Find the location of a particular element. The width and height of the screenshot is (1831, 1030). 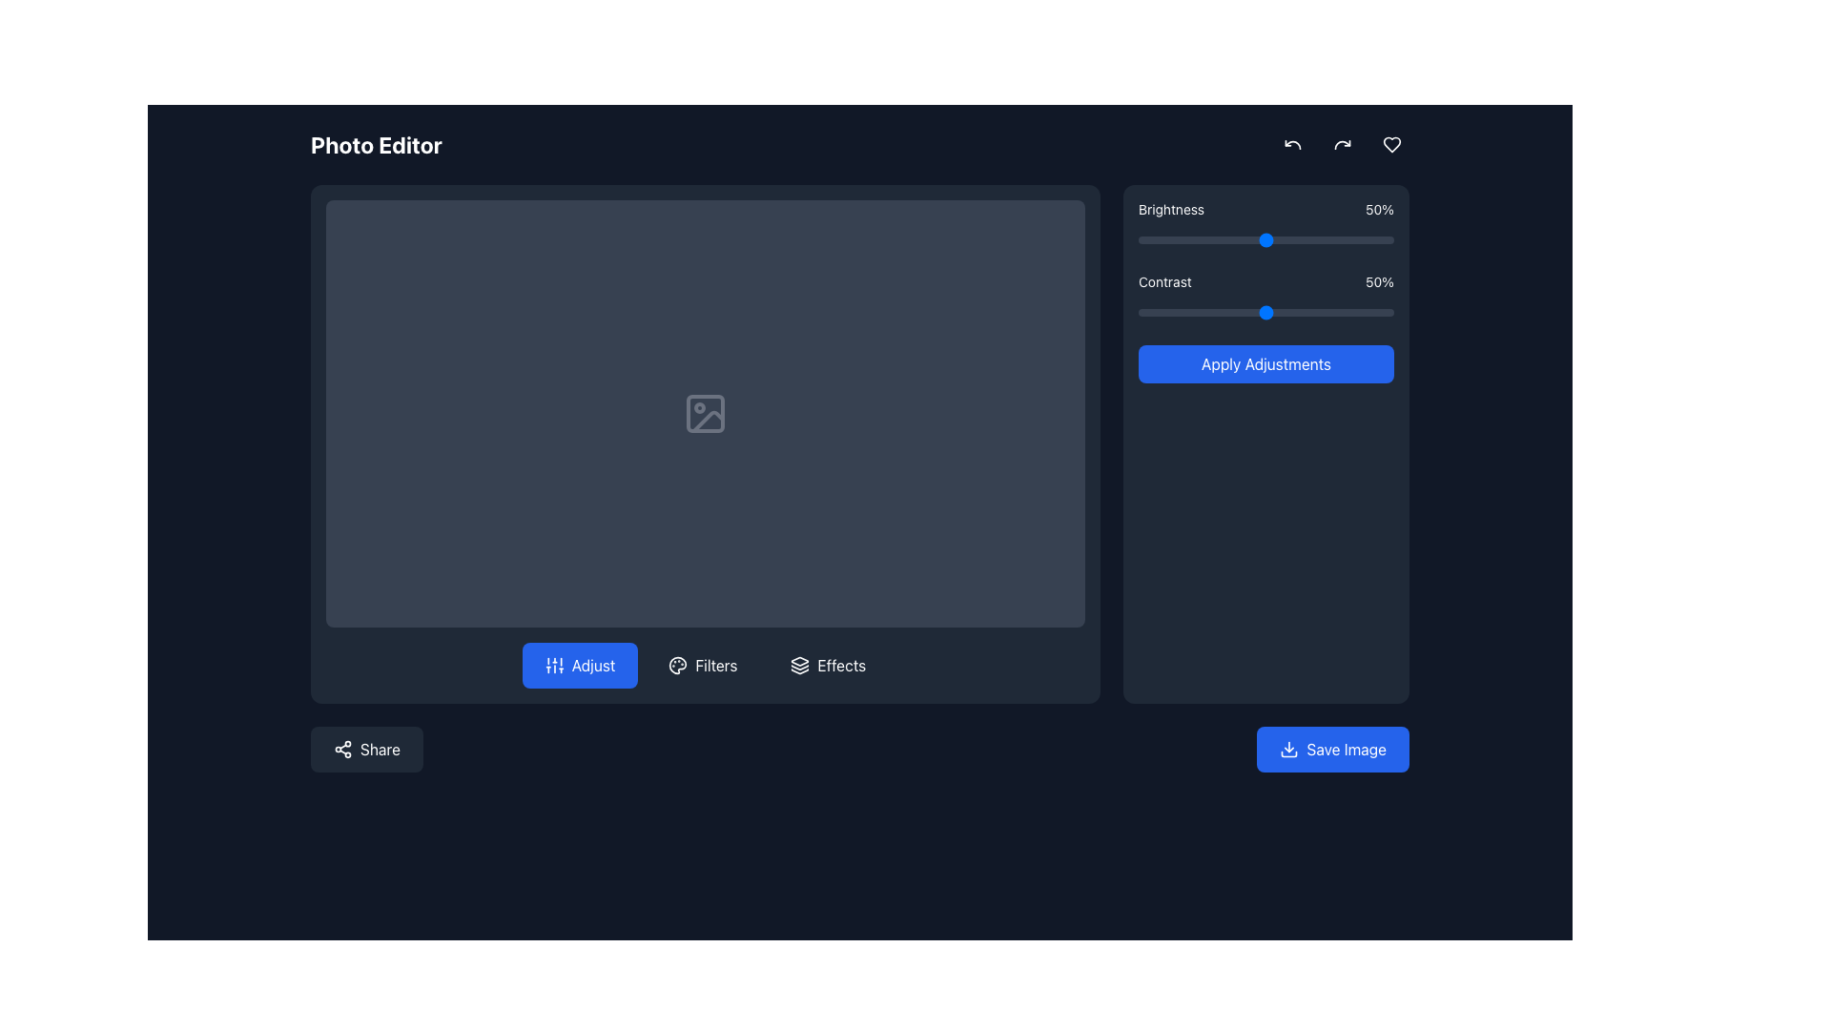

the contrast is located at coordinates (1223, 311).